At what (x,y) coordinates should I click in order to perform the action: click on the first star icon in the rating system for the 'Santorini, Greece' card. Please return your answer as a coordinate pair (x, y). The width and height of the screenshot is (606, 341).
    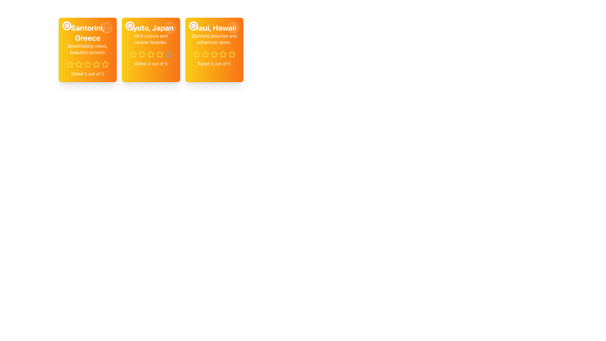
    Looking at the image, I should click on (70, 64).